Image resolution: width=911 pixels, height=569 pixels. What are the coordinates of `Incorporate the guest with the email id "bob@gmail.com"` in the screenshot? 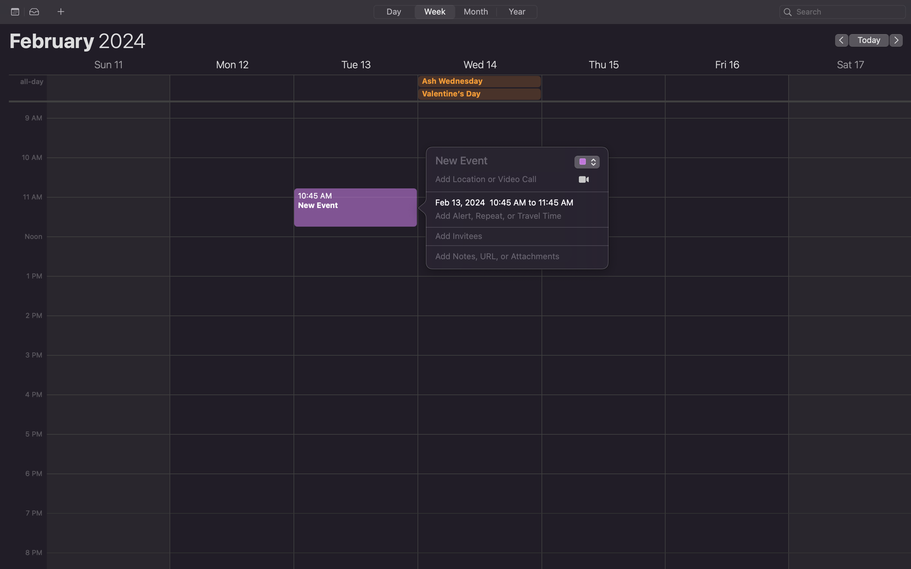 It's located at (509, 236).